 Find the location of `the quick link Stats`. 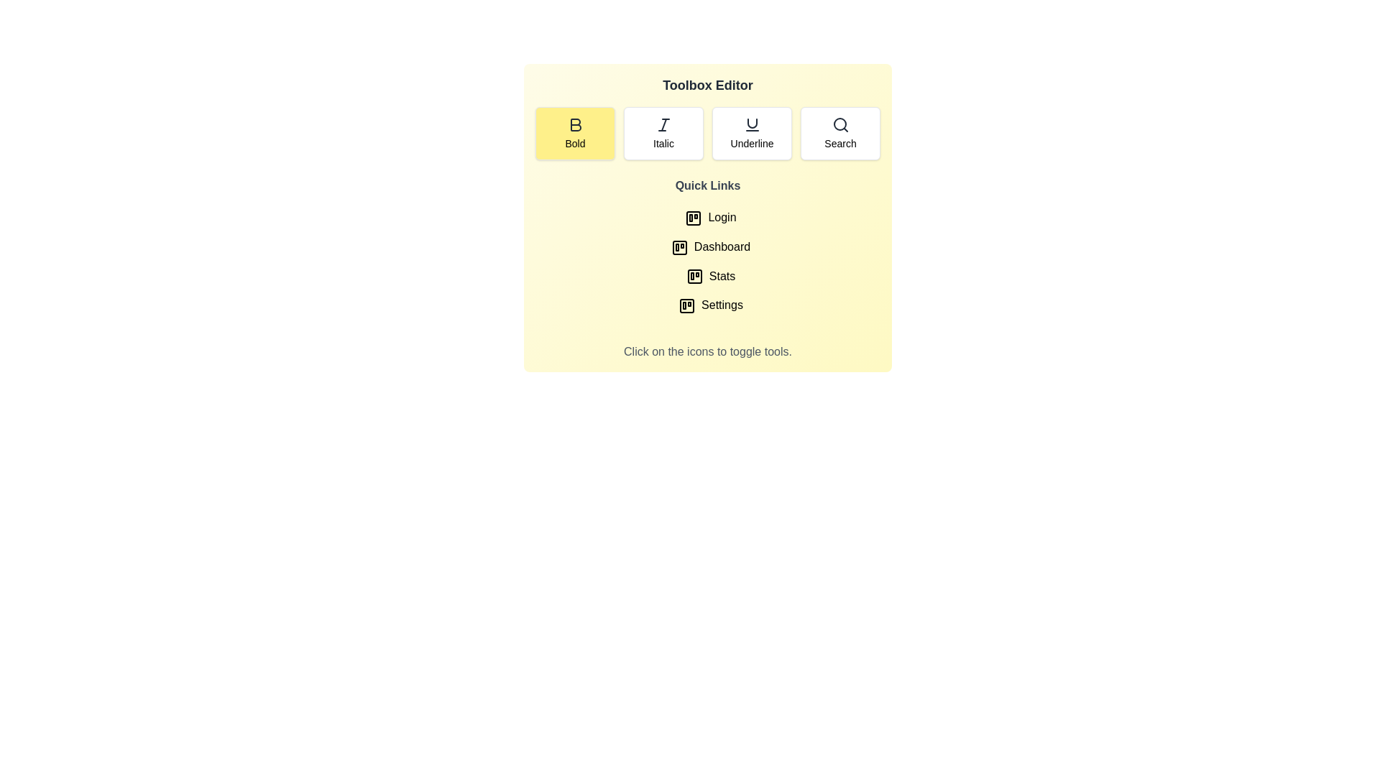

the quick link Stats is located at coordinates (707, 277).